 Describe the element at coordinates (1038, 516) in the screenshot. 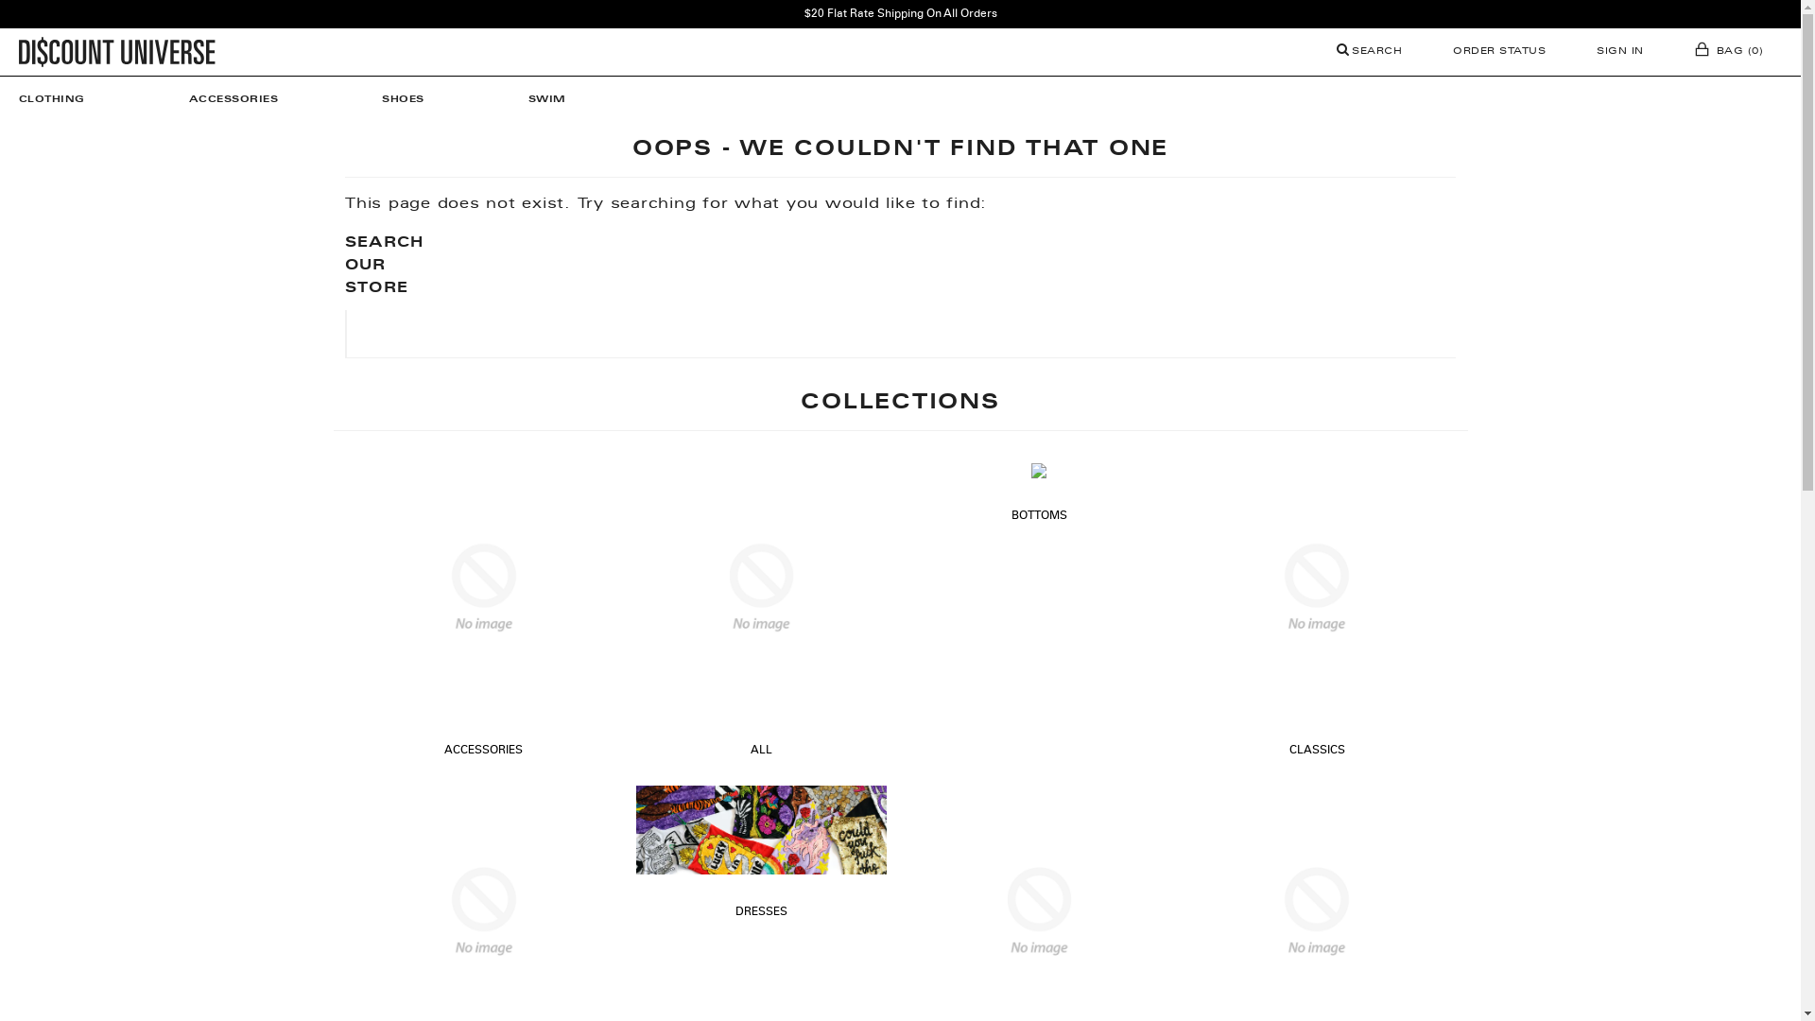

I see `'BOTTOMS'` at that location.